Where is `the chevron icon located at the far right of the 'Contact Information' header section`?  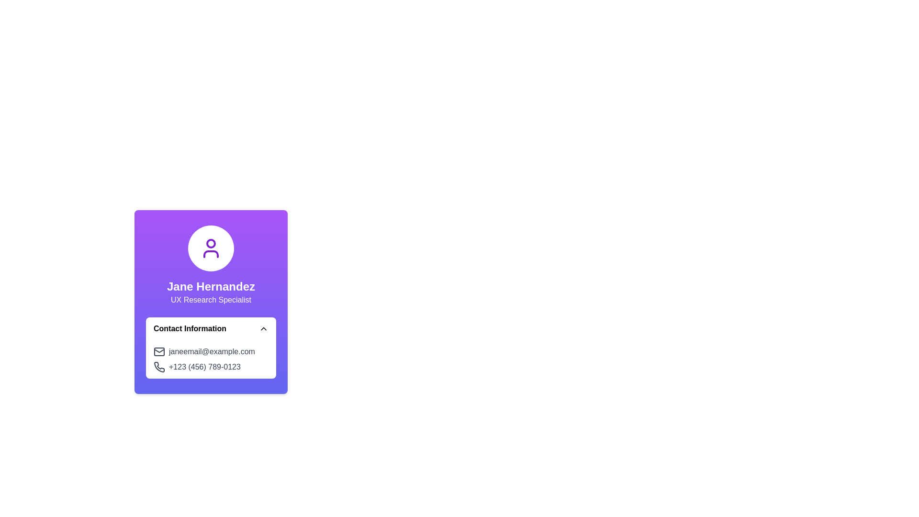 the chevron icon located at the far right of the 'Contact Information' header section is located at coordinates (264, 328).